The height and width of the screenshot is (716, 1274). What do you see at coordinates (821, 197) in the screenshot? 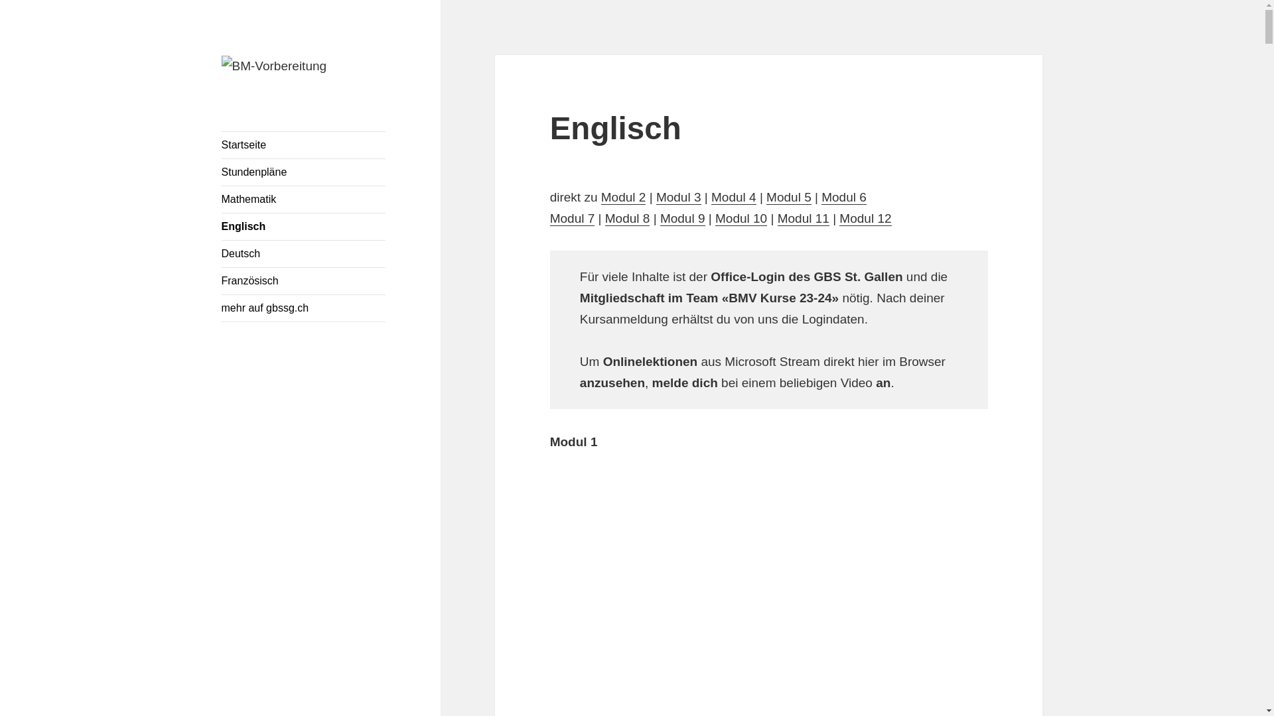
I see `'Modul 6'` at bounding box center [821, 197].